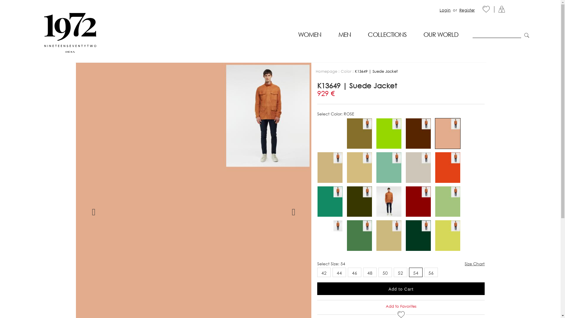 The height and width of the screenshot is (318, 565). Describe the element at coordinates (401, 288) in the screenshot. I see `'Add to Cart'` at that location.